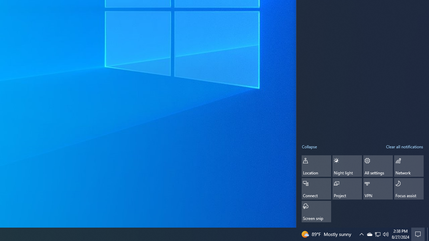  I want to click on 'Notification Chevron', so click(361, 234).